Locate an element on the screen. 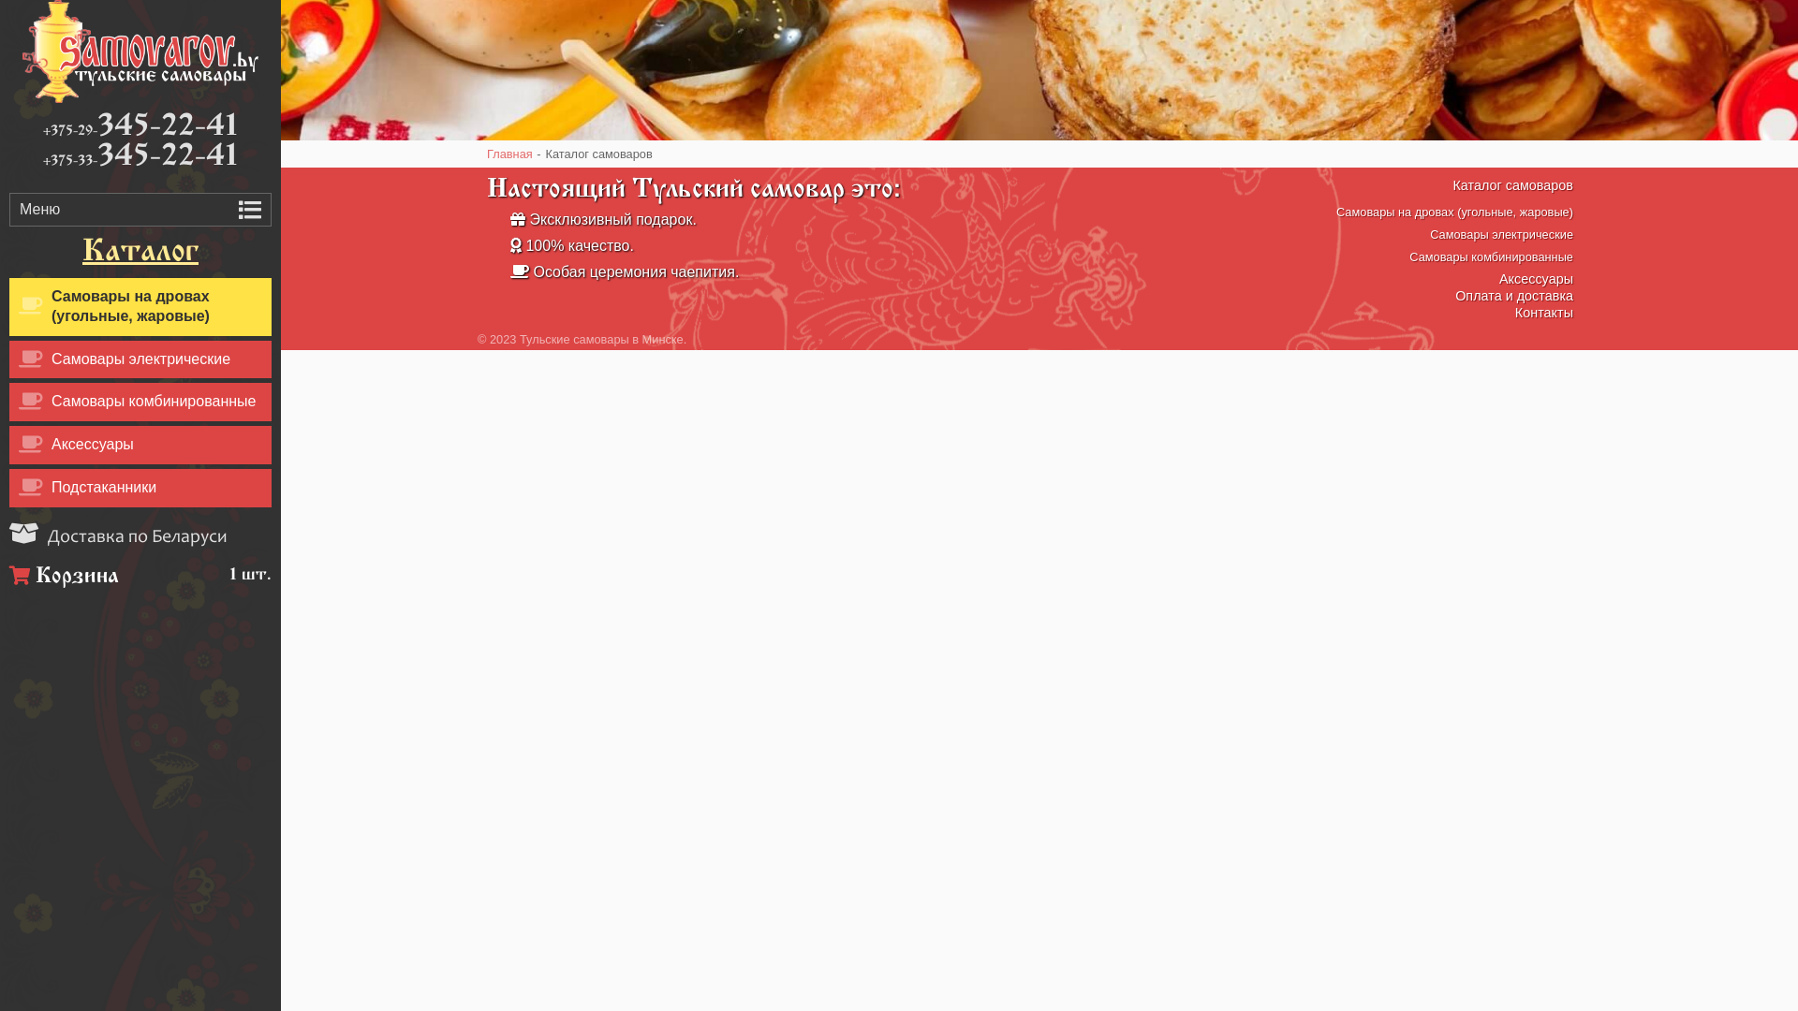  '+375-33-345-22-41' is located at coordinates (139, 156).